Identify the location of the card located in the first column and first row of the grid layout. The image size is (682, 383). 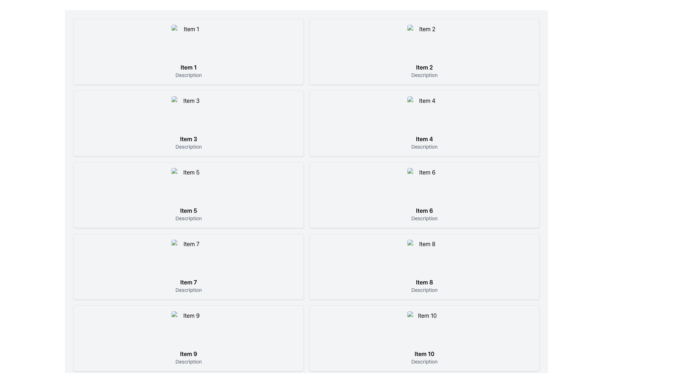
(189, 51).